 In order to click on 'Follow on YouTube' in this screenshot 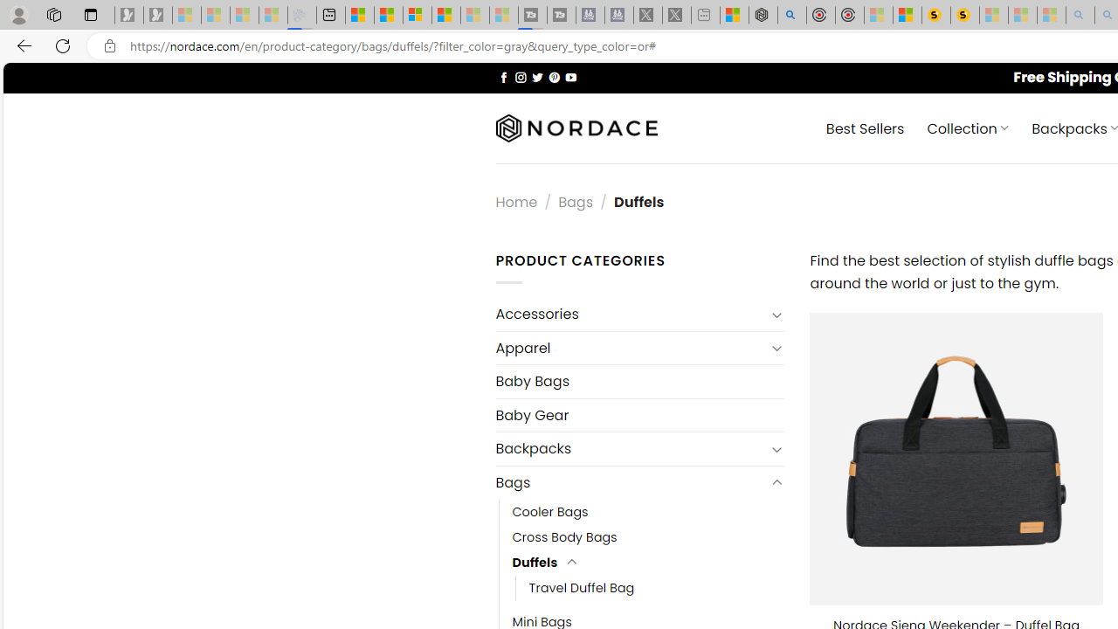, I will do `click(570, 76)`.